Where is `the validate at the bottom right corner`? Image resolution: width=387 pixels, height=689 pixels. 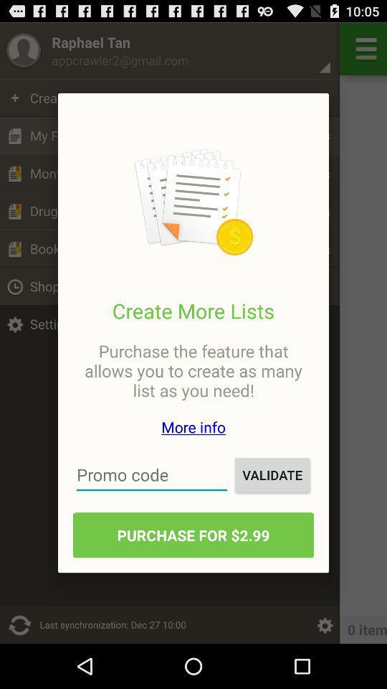
the validate at the bottom right corner is located at coordinates (272, 474).